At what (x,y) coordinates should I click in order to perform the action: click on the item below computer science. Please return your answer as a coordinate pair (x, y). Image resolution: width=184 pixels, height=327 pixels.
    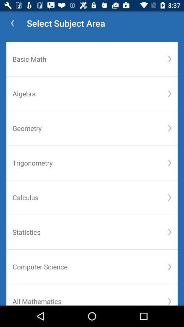
    Looking at the image, I should click on (169, 301).